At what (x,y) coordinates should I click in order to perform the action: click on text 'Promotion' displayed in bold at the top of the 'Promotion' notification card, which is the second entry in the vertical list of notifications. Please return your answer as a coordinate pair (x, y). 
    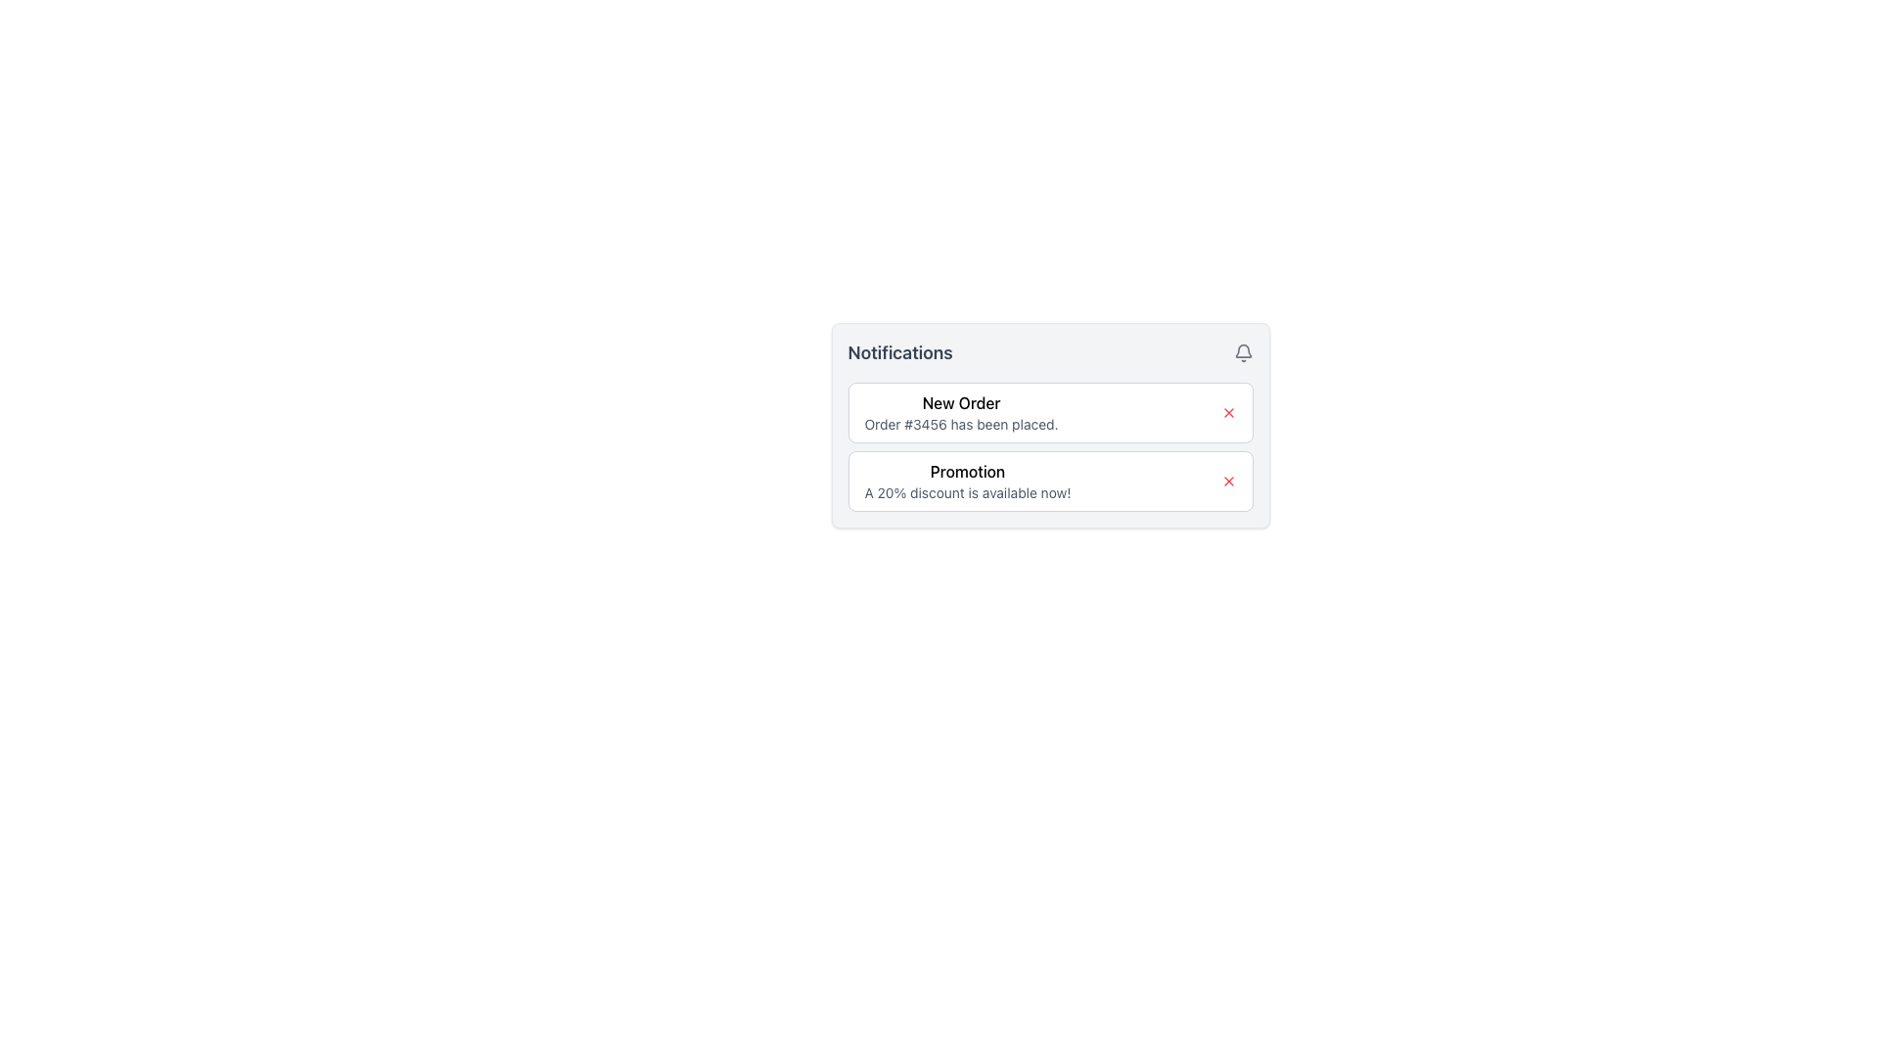
    Looking at the image, I should click on (967, 472).